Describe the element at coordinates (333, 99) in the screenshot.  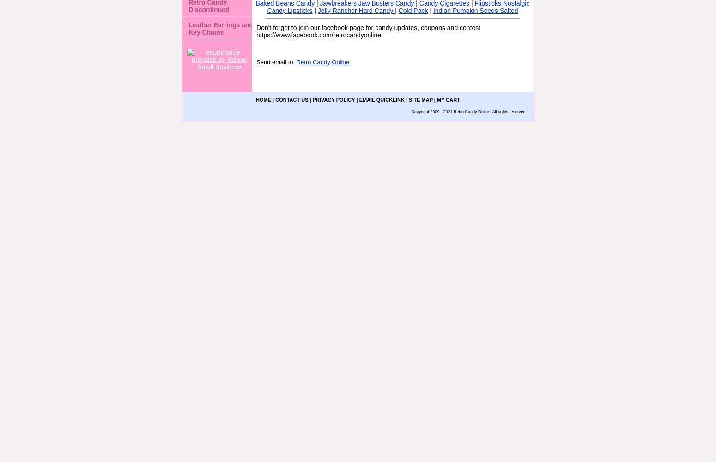
I see `'Privacy Policy'` at that location.